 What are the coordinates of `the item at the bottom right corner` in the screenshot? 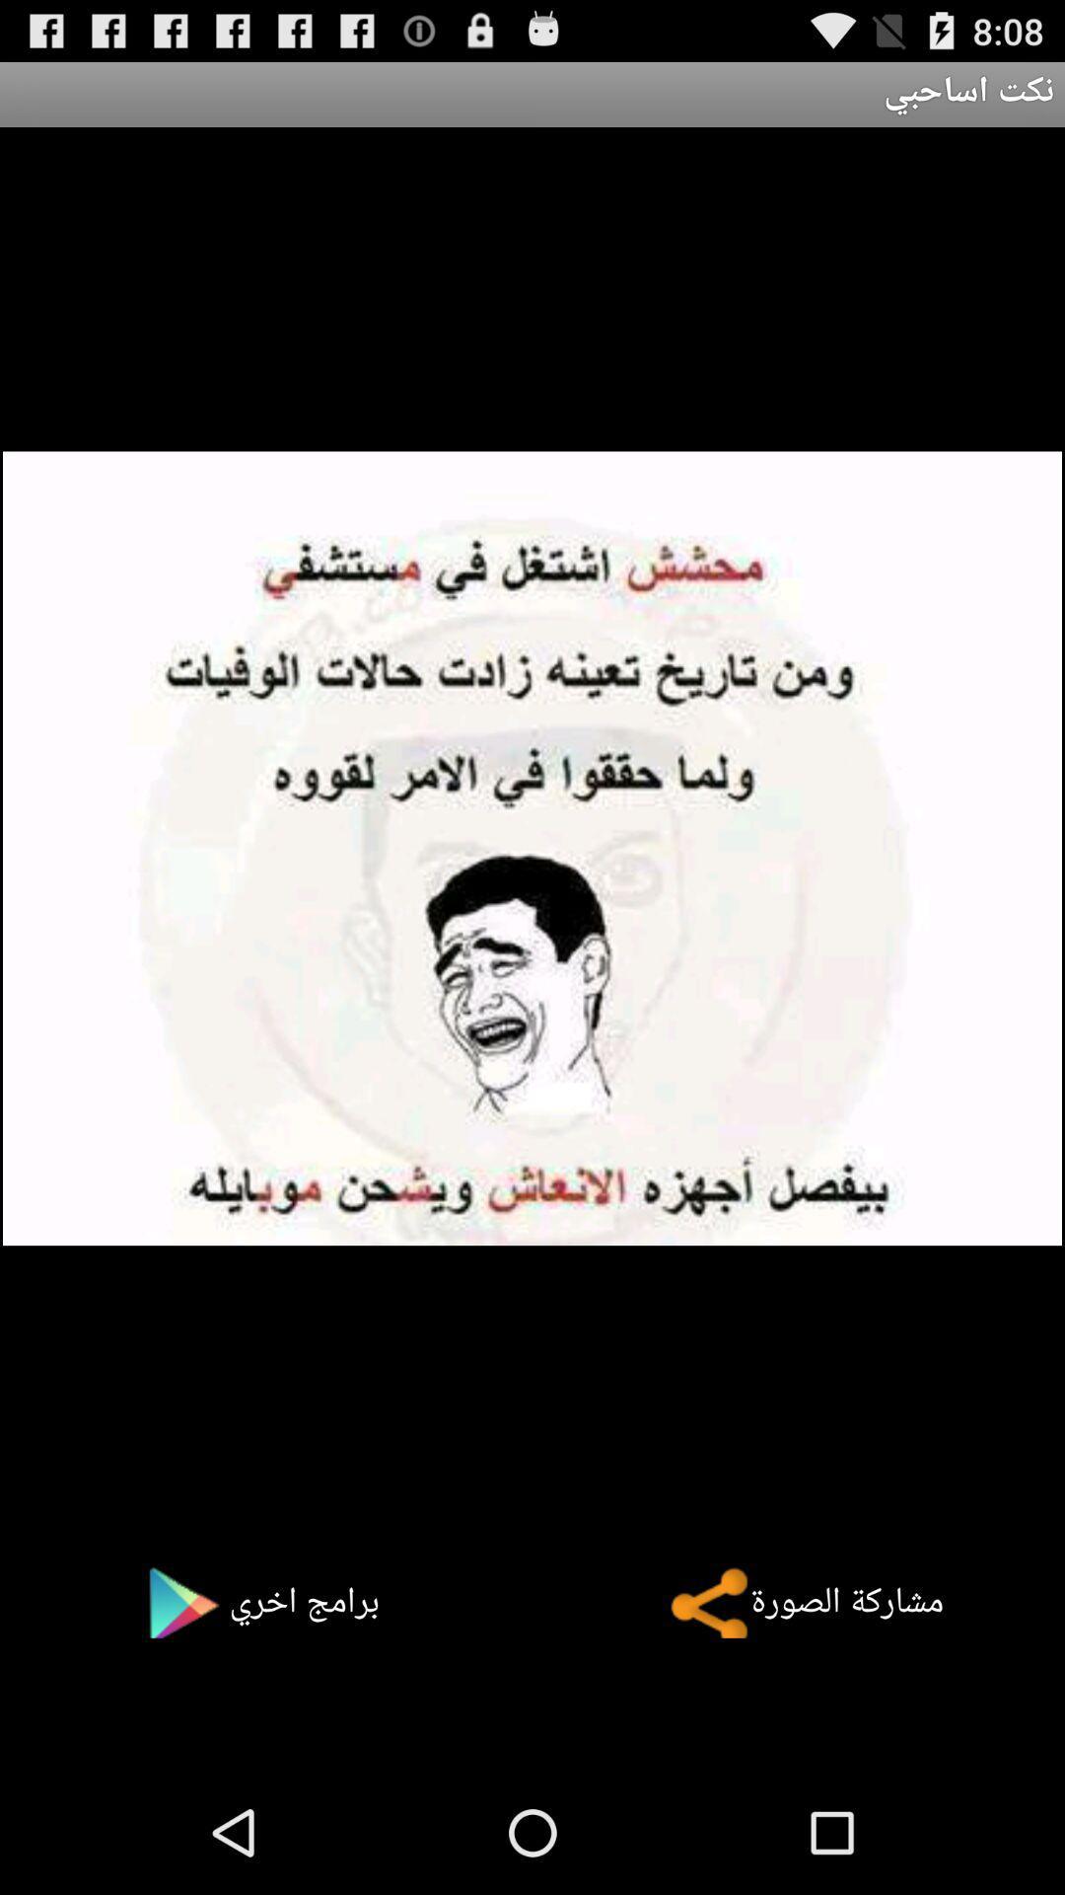 It's located at (791, 1602).